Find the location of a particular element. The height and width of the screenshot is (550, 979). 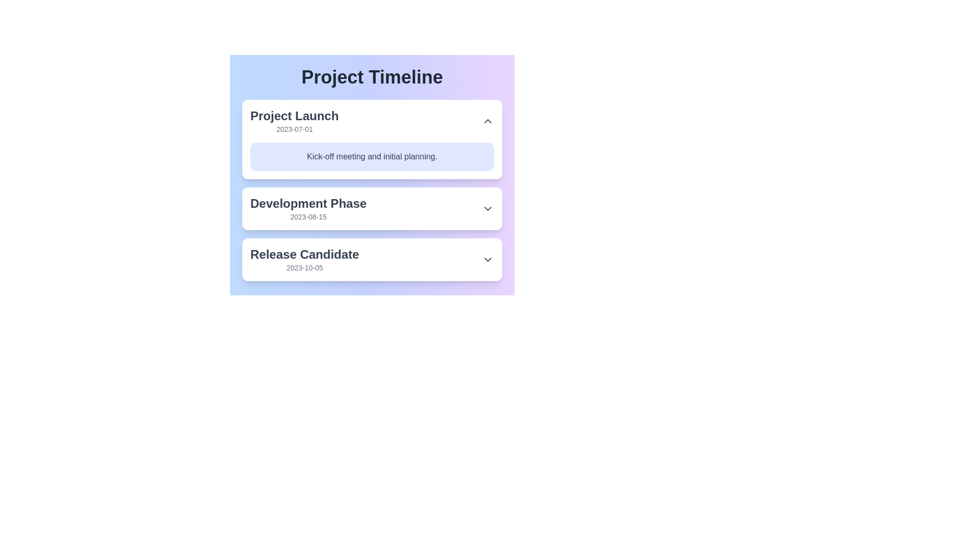

the text display showing the date '2023-08-15', which is located below the title 'Development Phase' in a gray colored, small font within a boxed structure is located at coordinates (307, 216).